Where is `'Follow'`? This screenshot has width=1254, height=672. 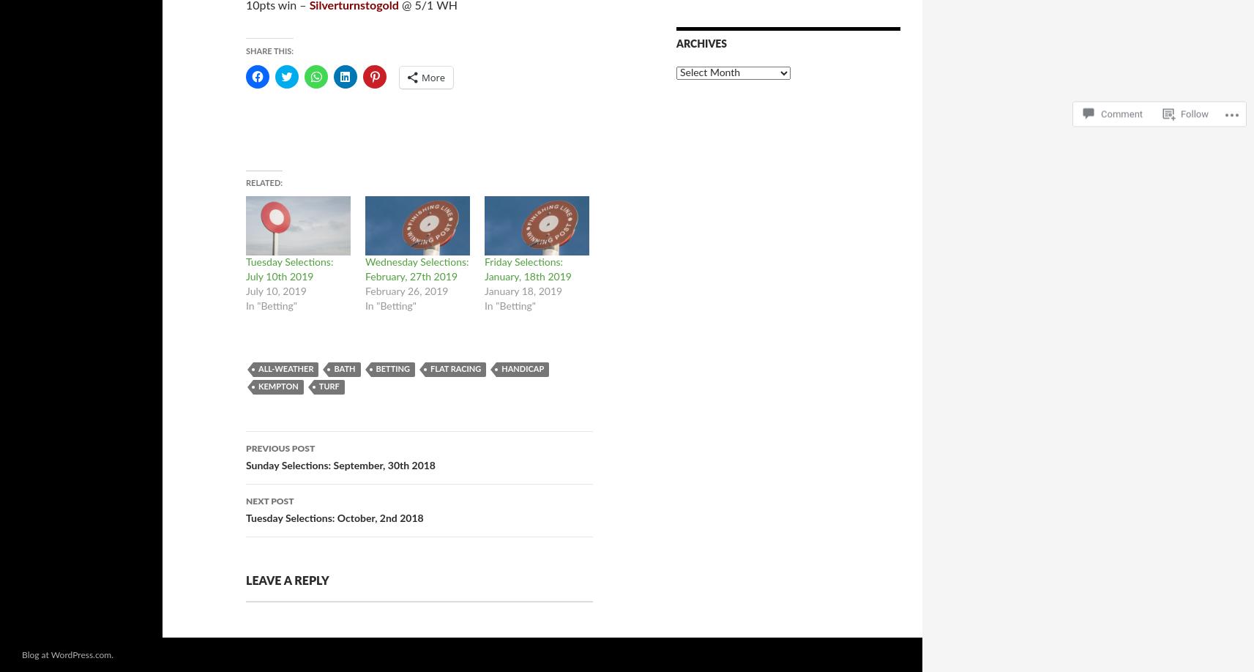 'Follow' is located at coordinates (1194, 99).